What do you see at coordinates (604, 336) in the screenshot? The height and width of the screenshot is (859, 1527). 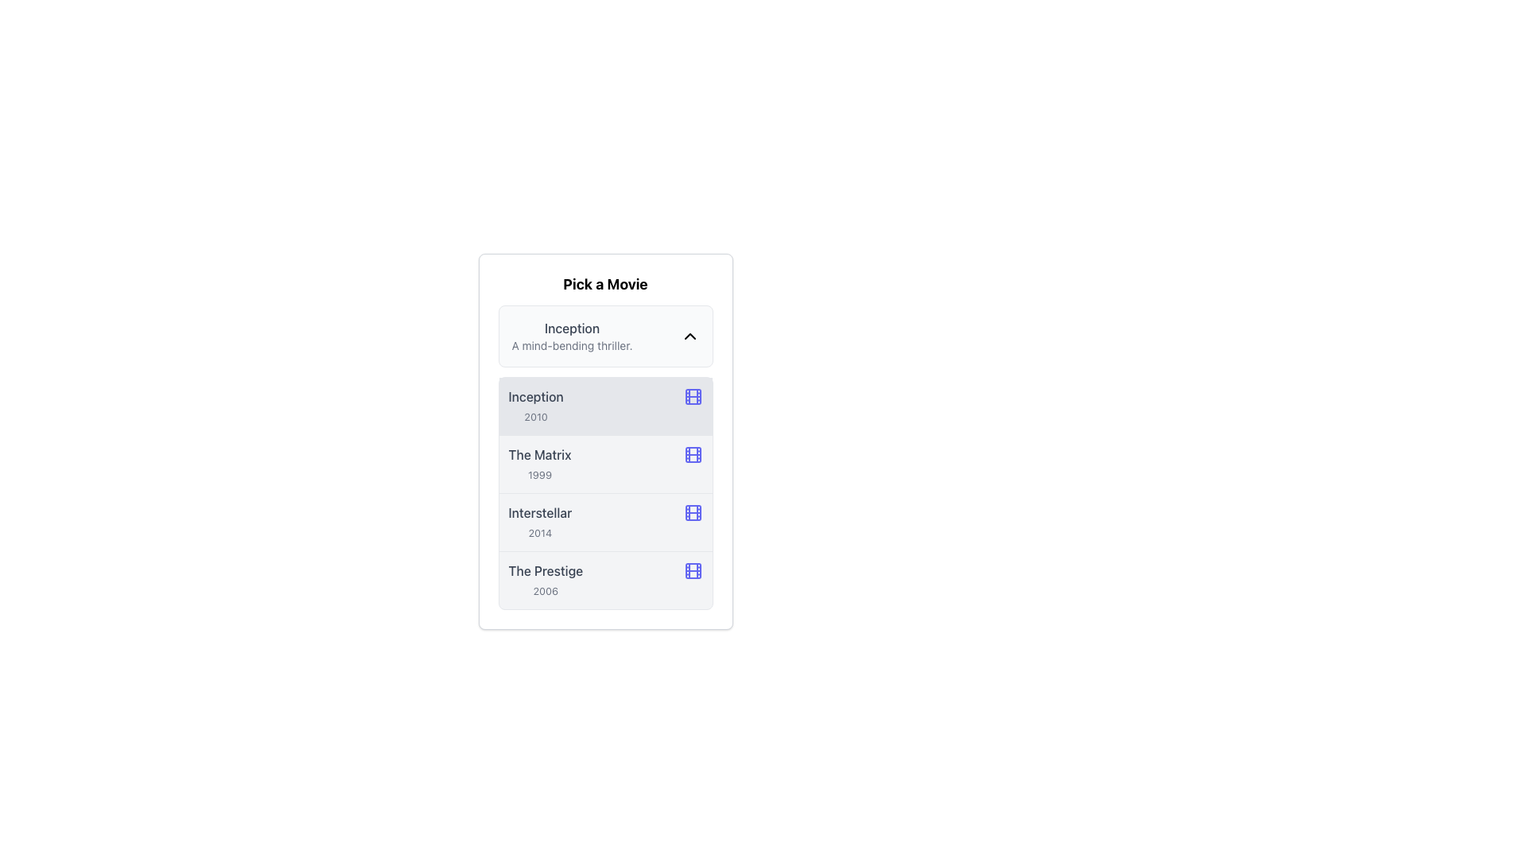 I see `the selectable button-like element titled 'Inception' which has a light gray background and a dropdown arrow` at bounding box center [604, 336].